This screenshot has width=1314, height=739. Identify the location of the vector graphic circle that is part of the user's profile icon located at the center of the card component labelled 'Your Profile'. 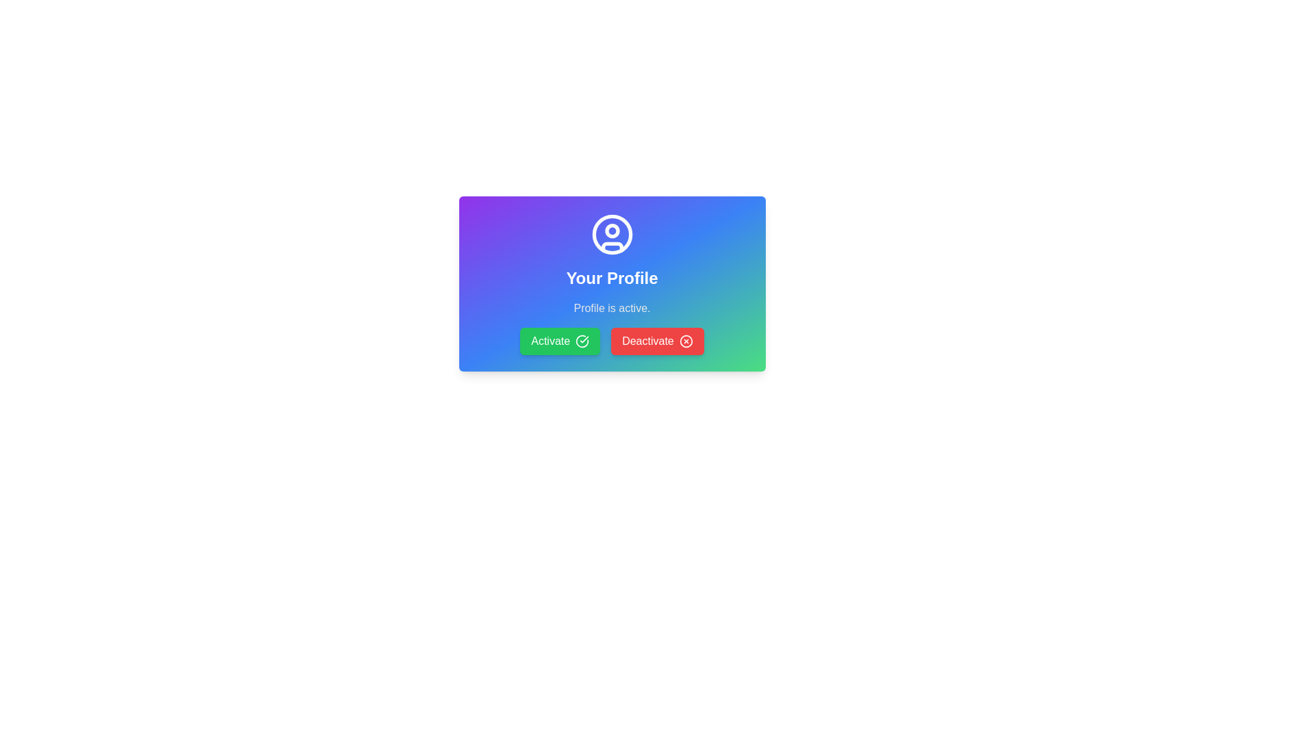
(611, 234).